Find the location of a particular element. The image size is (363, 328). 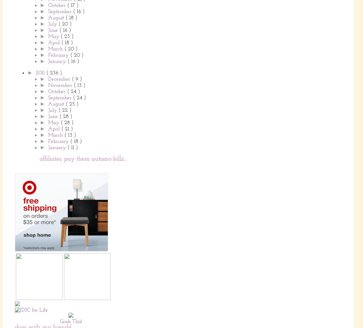

'(
                11
                )' is located at coordinates (67, 147).